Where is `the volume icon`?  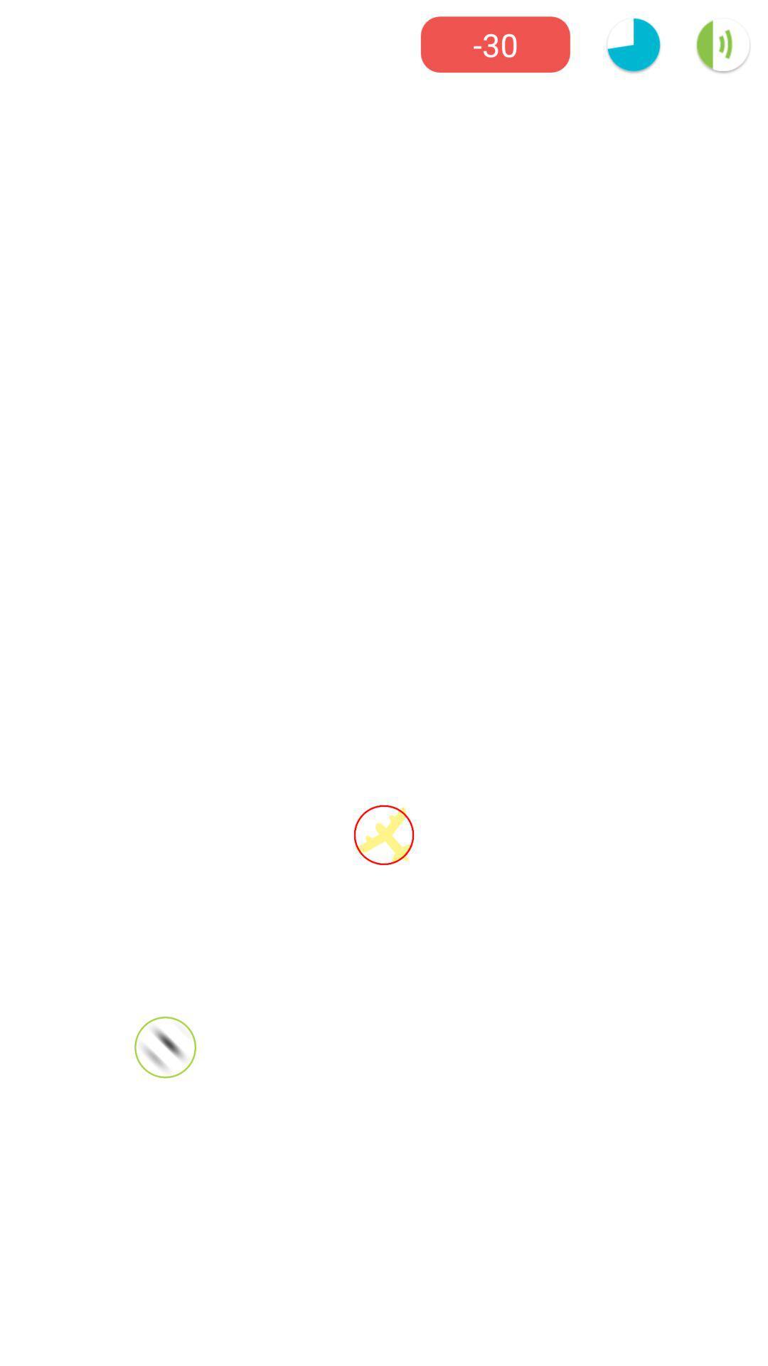
the volume icon is located at coordinates (723, 44).